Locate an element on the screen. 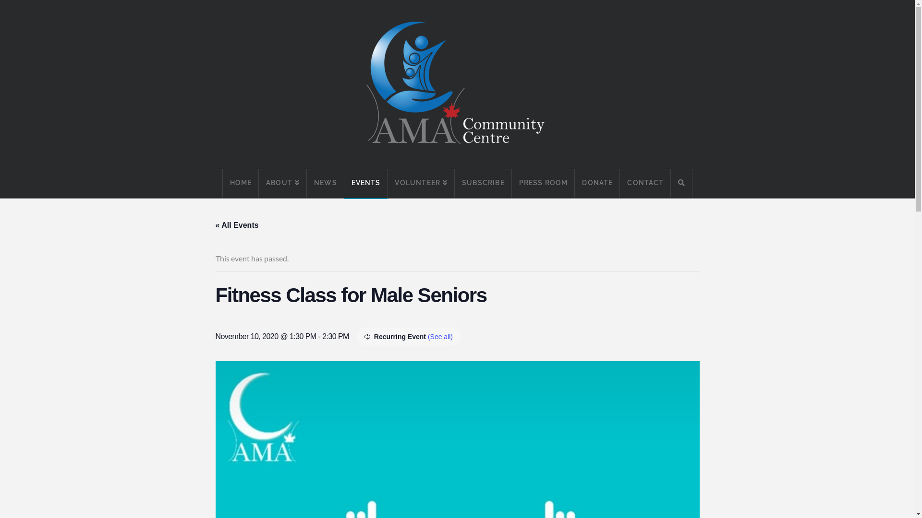 The width and height of the screenshot is (922, 518). 'ABOUT' is located at coordinates (282, 183).